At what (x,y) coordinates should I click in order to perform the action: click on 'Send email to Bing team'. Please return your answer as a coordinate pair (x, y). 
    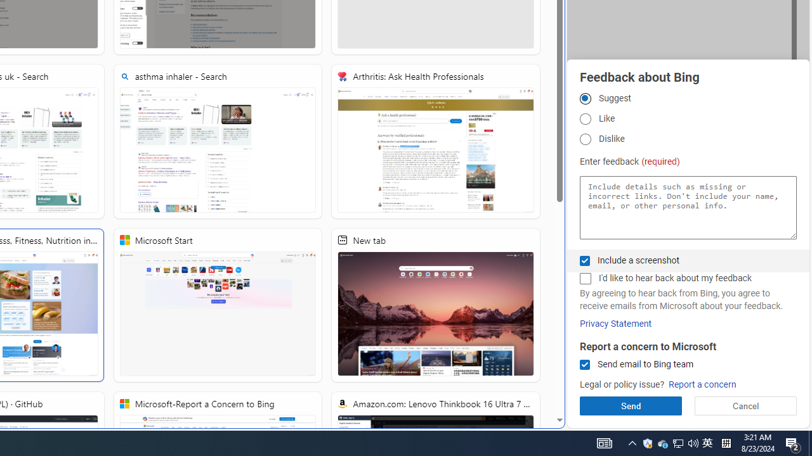
    Looking at the image, I should click on (584, 365).